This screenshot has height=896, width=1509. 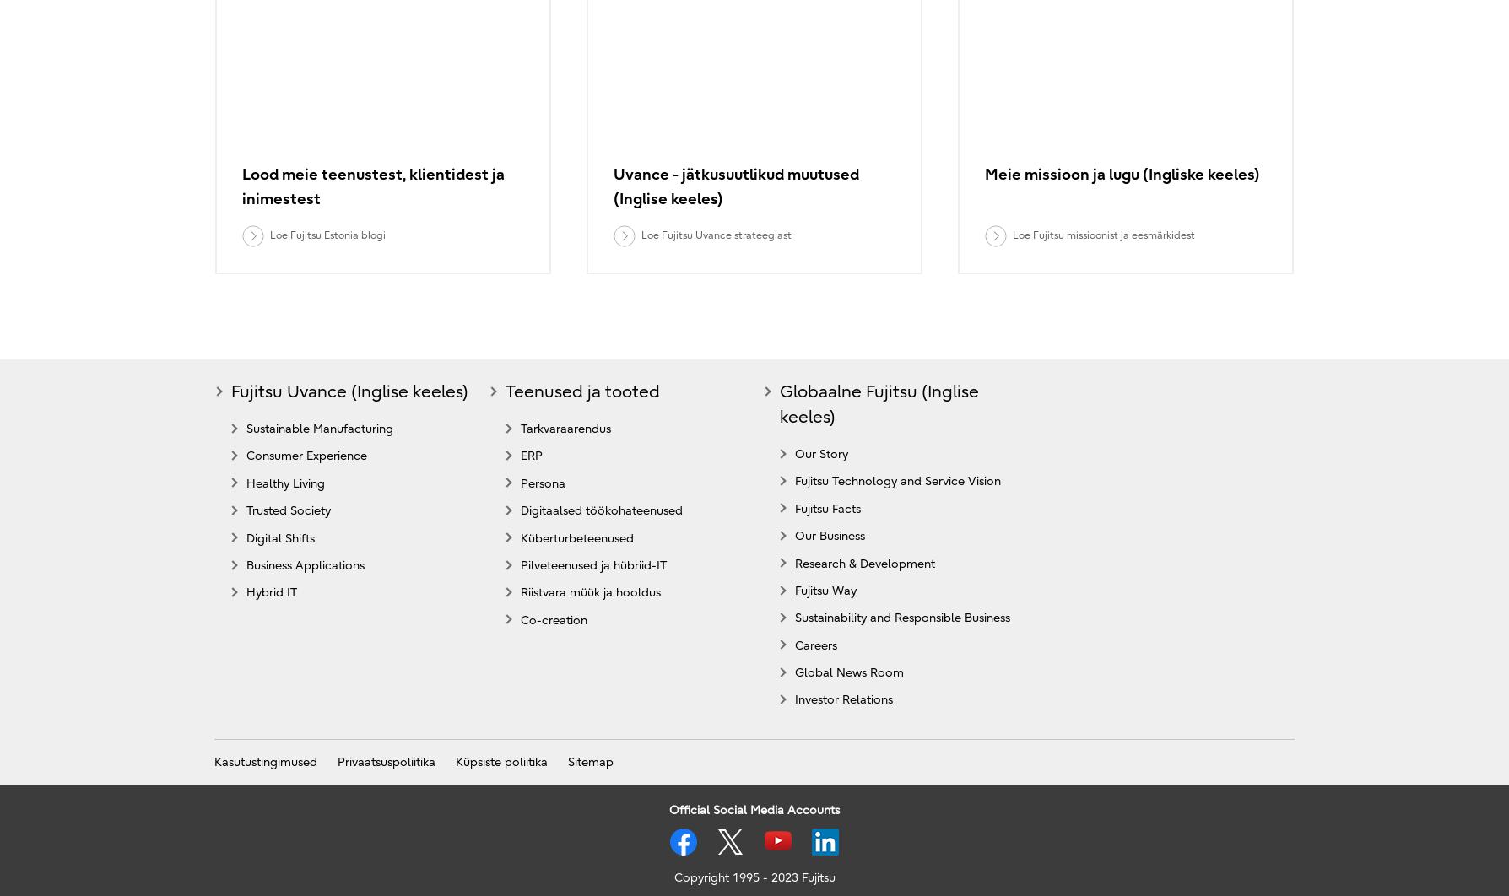 What do you see at coordinates (336, 760) in the screenshot?
I see `'Privaatsuspoliitika'` at bounding box center [336, 760].